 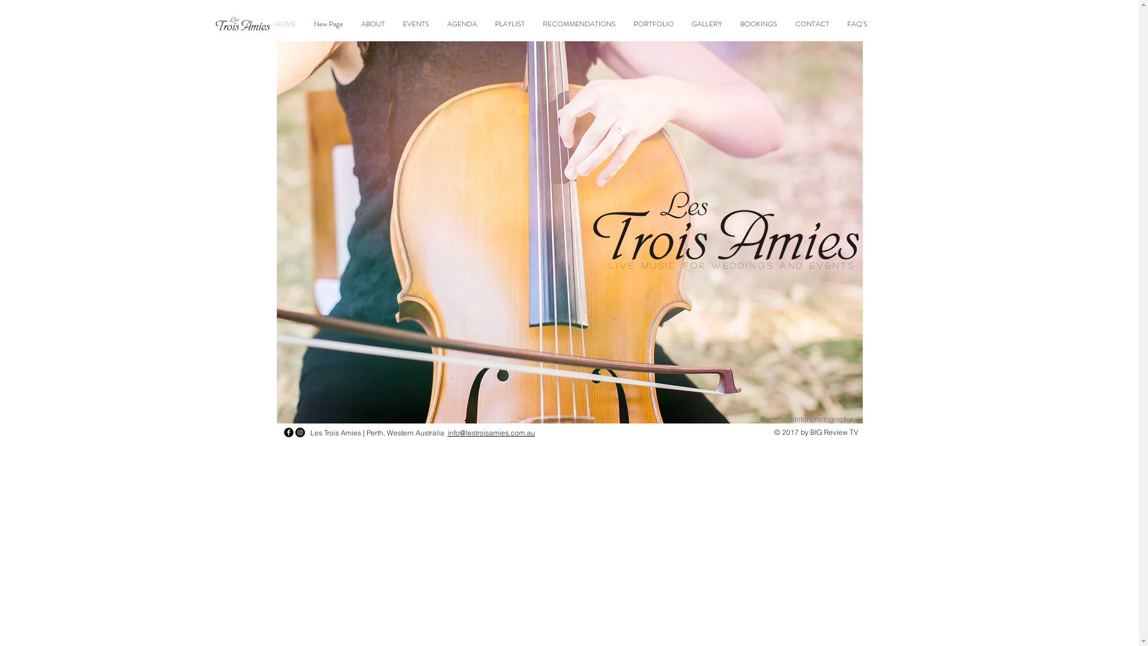 What do you see at coordinates (812, 24) in the screenshot?
I see `'CONTACT'` at bounding box center [812, 24].